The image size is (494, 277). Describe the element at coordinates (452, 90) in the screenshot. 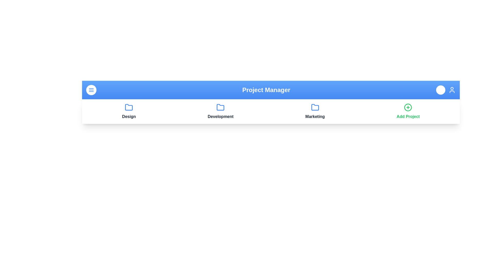

I see `the user icon to view the user profile` at that location.